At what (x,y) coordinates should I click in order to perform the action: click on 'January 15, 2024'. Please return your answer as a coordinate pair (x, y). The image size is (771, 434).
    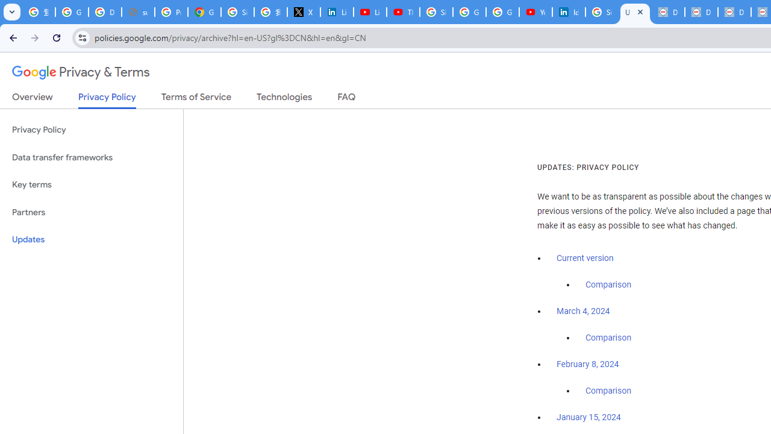
    Looking at the image, I should click on (588, 417).